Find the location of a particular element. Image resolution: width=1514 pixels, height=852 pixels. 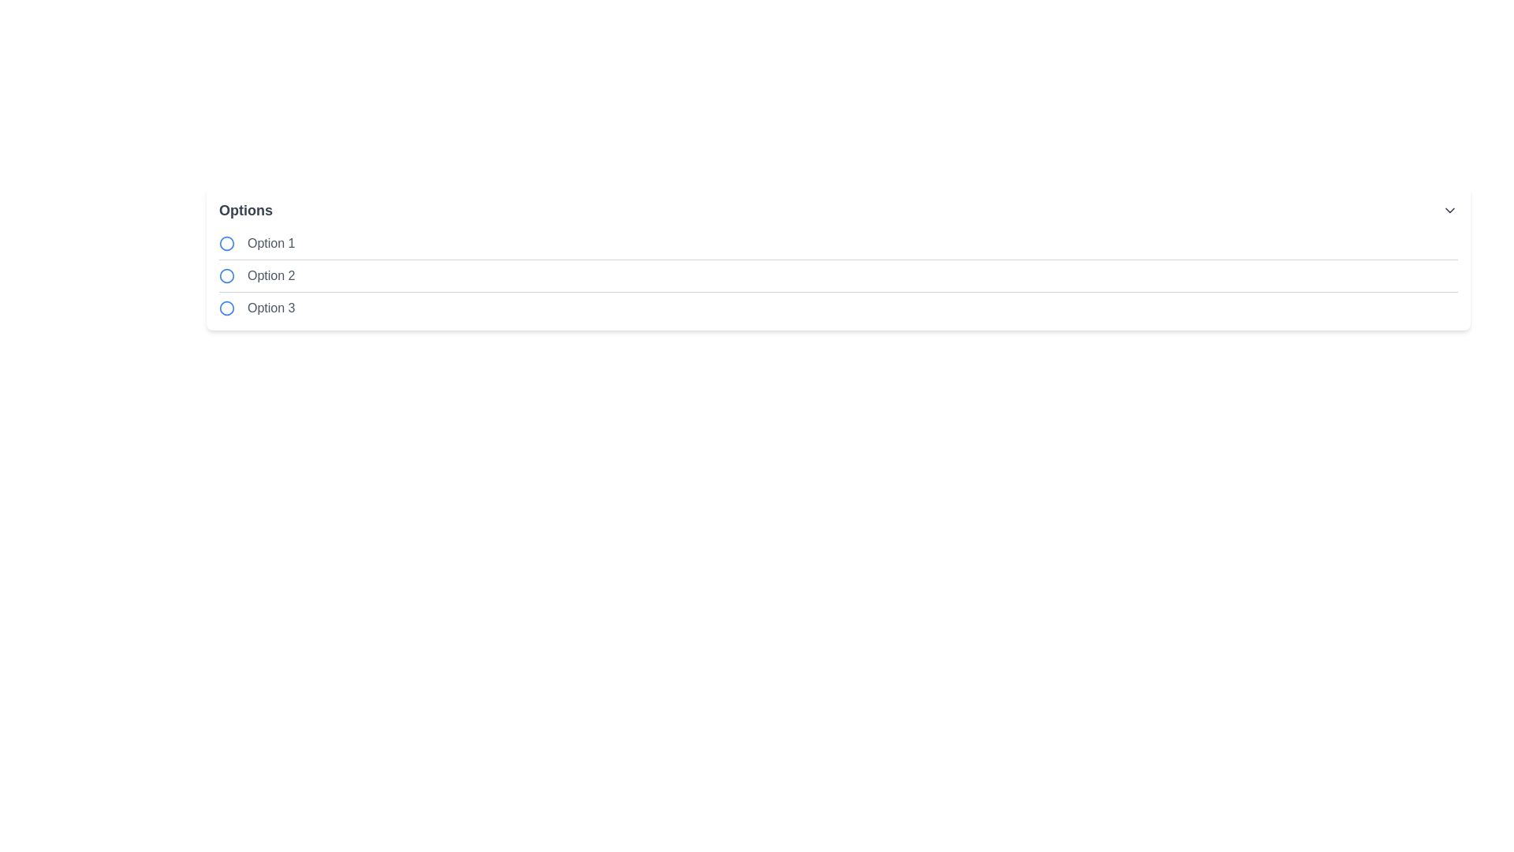

the selectable list item representing 'Option 3' is located at coordinates (837, 308).